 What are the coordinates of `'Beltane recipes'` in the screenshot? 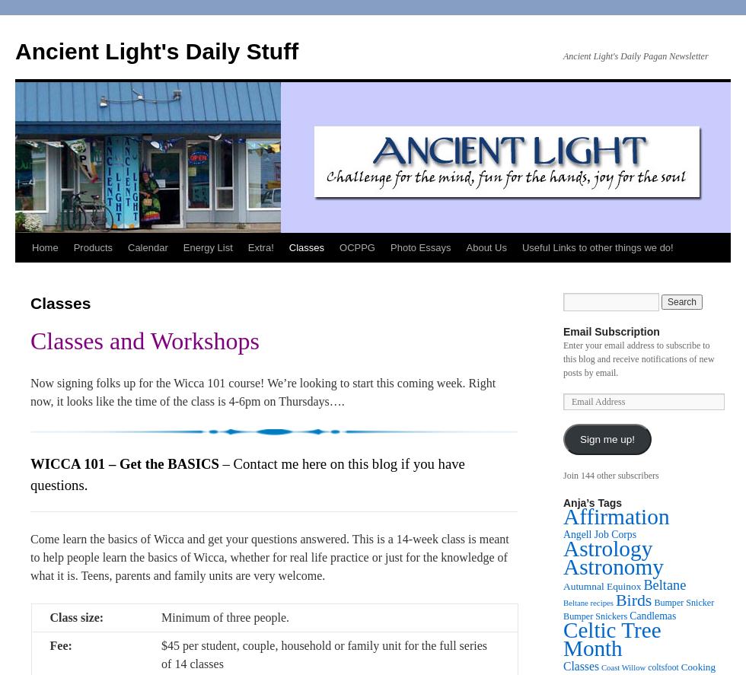 It's located at (588, 603).